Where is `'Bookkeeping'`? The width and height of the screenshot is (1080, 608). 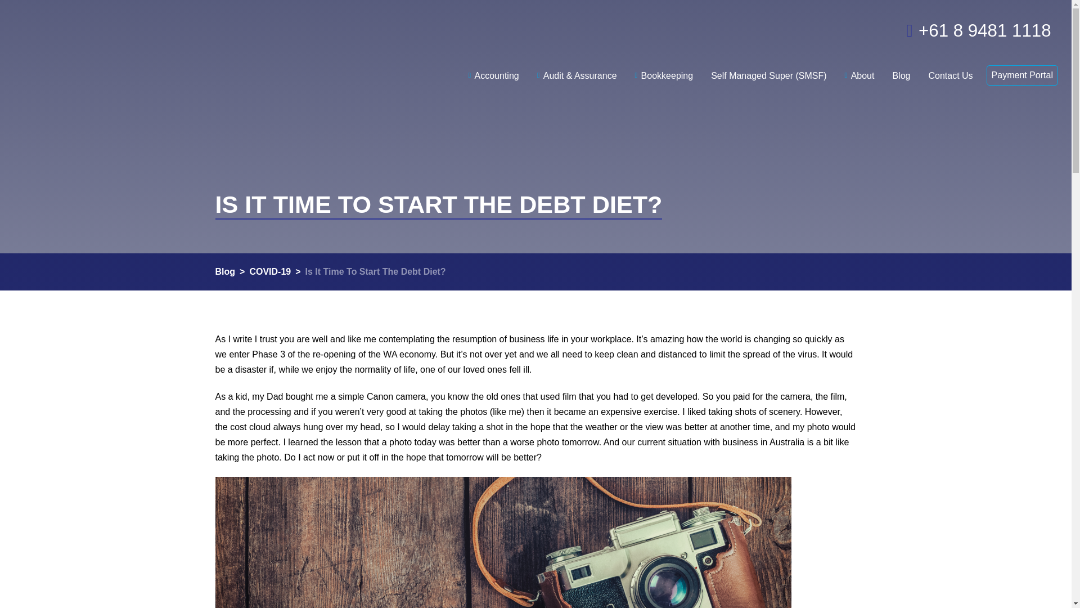
'Bookkeeping' is located at coordinates (664, 67).